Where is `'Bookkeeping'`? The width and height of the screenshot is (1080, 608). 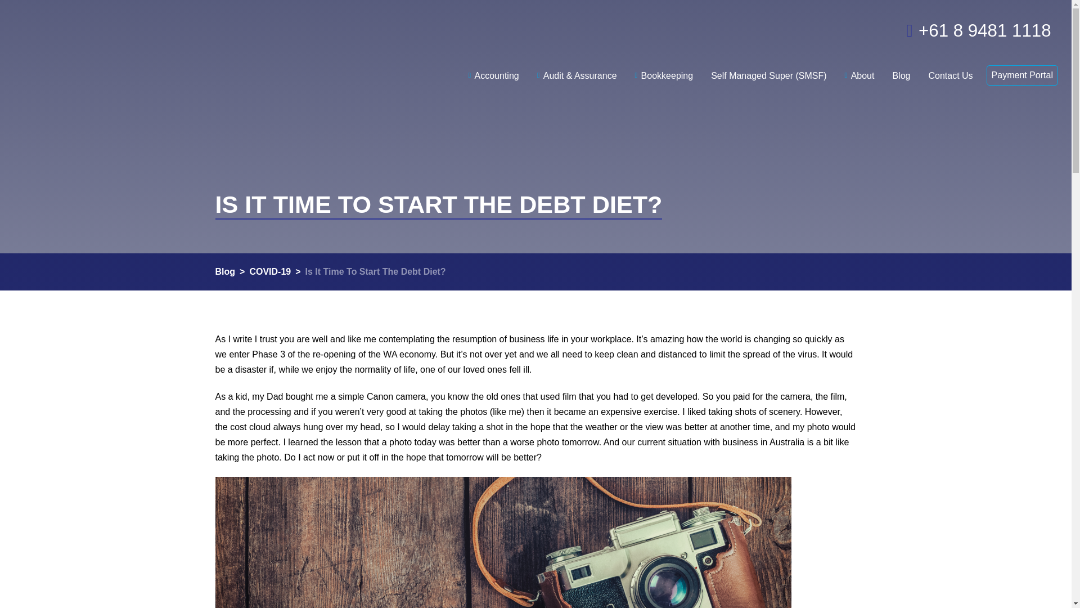
'Bookkeeping' is located at coordinates (664, 67).